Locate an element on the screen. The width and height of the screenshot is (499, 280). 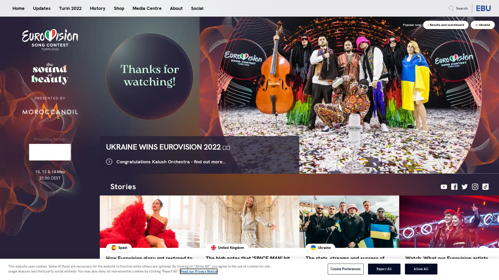
Cookie Preferences is located at coordinates (345, 269).